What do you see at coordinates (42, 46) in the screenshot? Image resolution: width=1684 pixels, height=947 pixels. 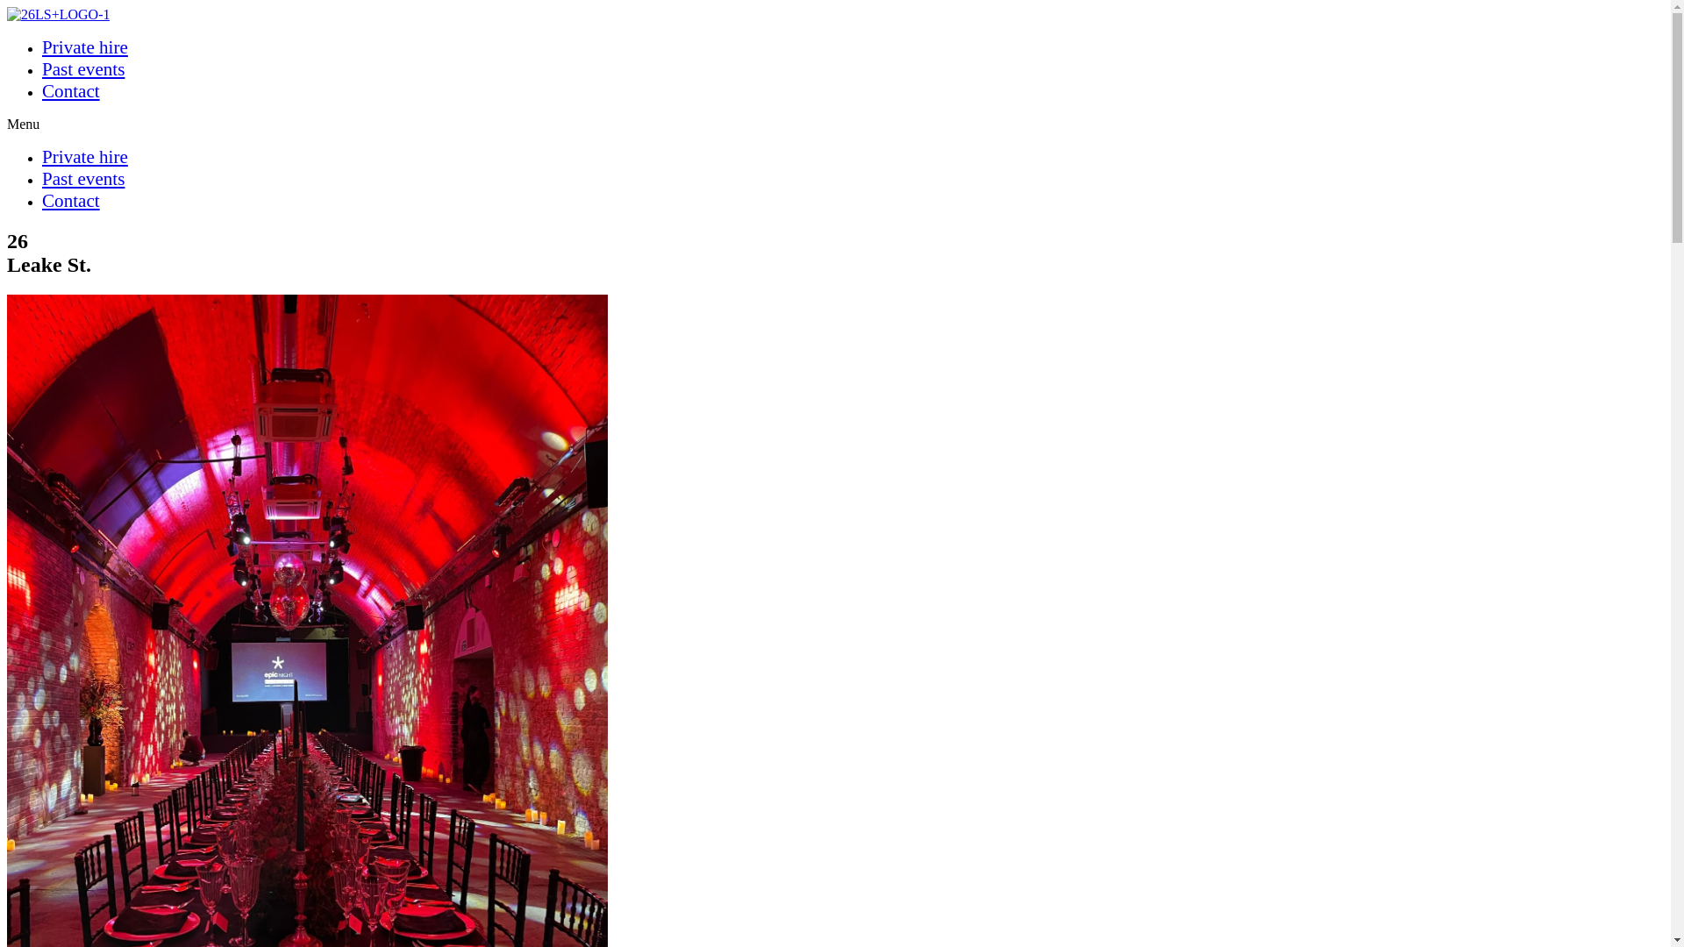 I see `'Private hire'` at bounding box center [42, 46].